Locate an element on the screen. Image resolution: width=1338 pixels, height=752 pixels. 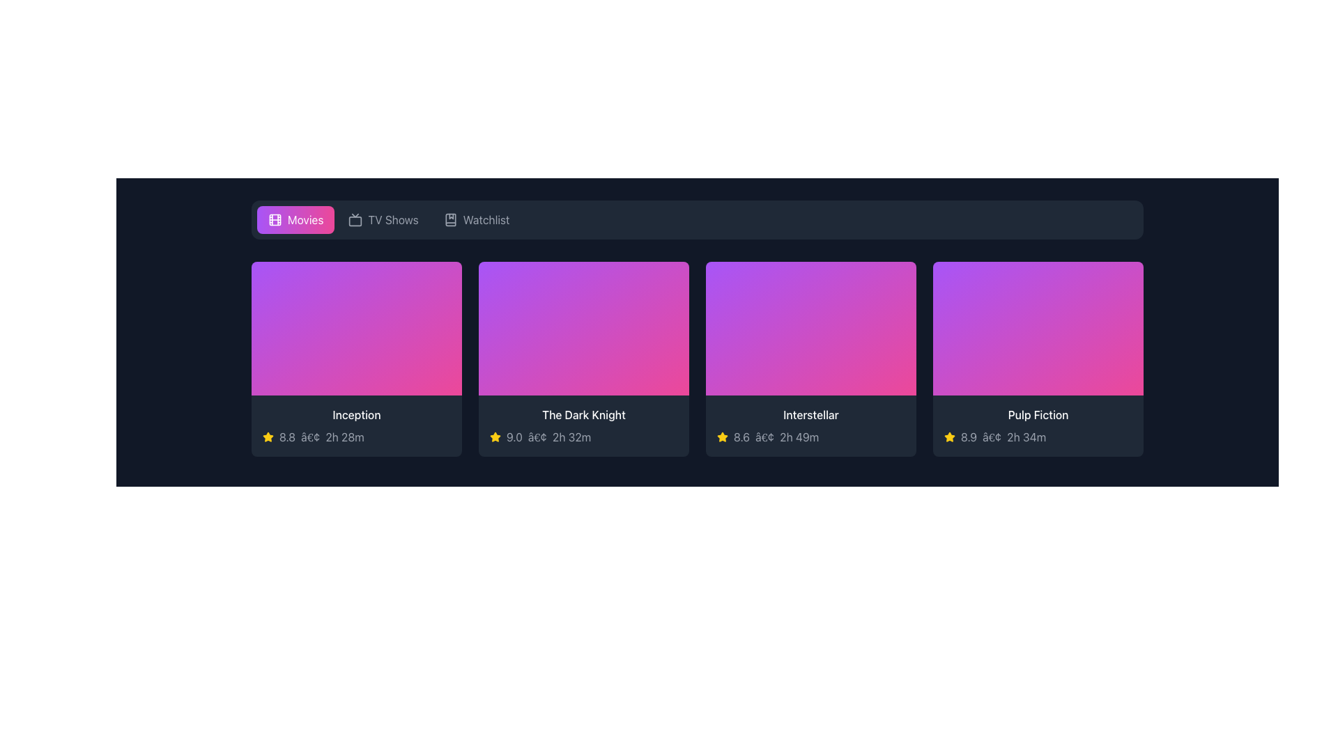
the decorative SVG icon located to the left of the 'Movies' button in the navigation bar is located at coordinates (275, 219).